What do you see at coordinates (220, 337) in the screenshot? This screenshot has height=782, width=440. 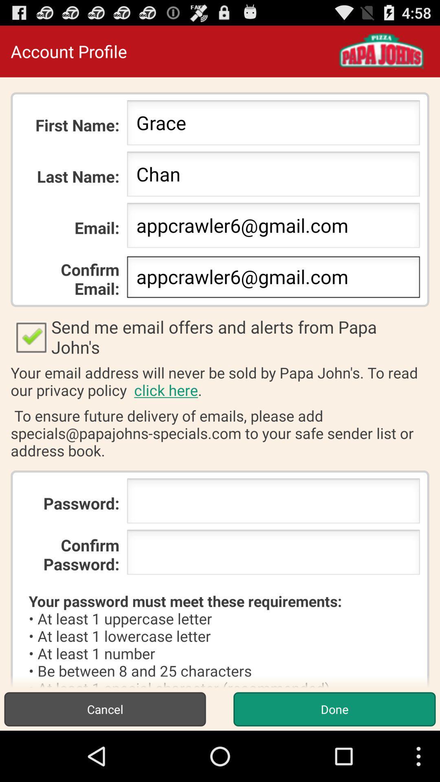 I see `item below the appcrawler6@gmail.com icon` at bounding box center [220, 337].